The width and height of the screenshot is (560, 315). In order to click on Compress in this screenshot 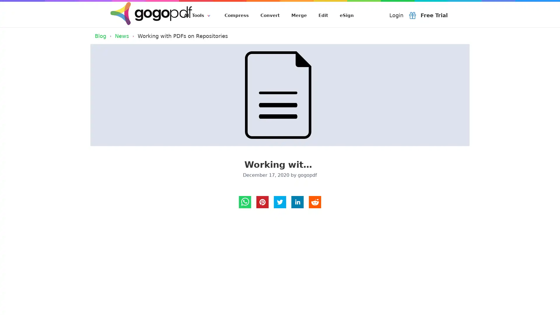, I will do `click(237, 15)`.